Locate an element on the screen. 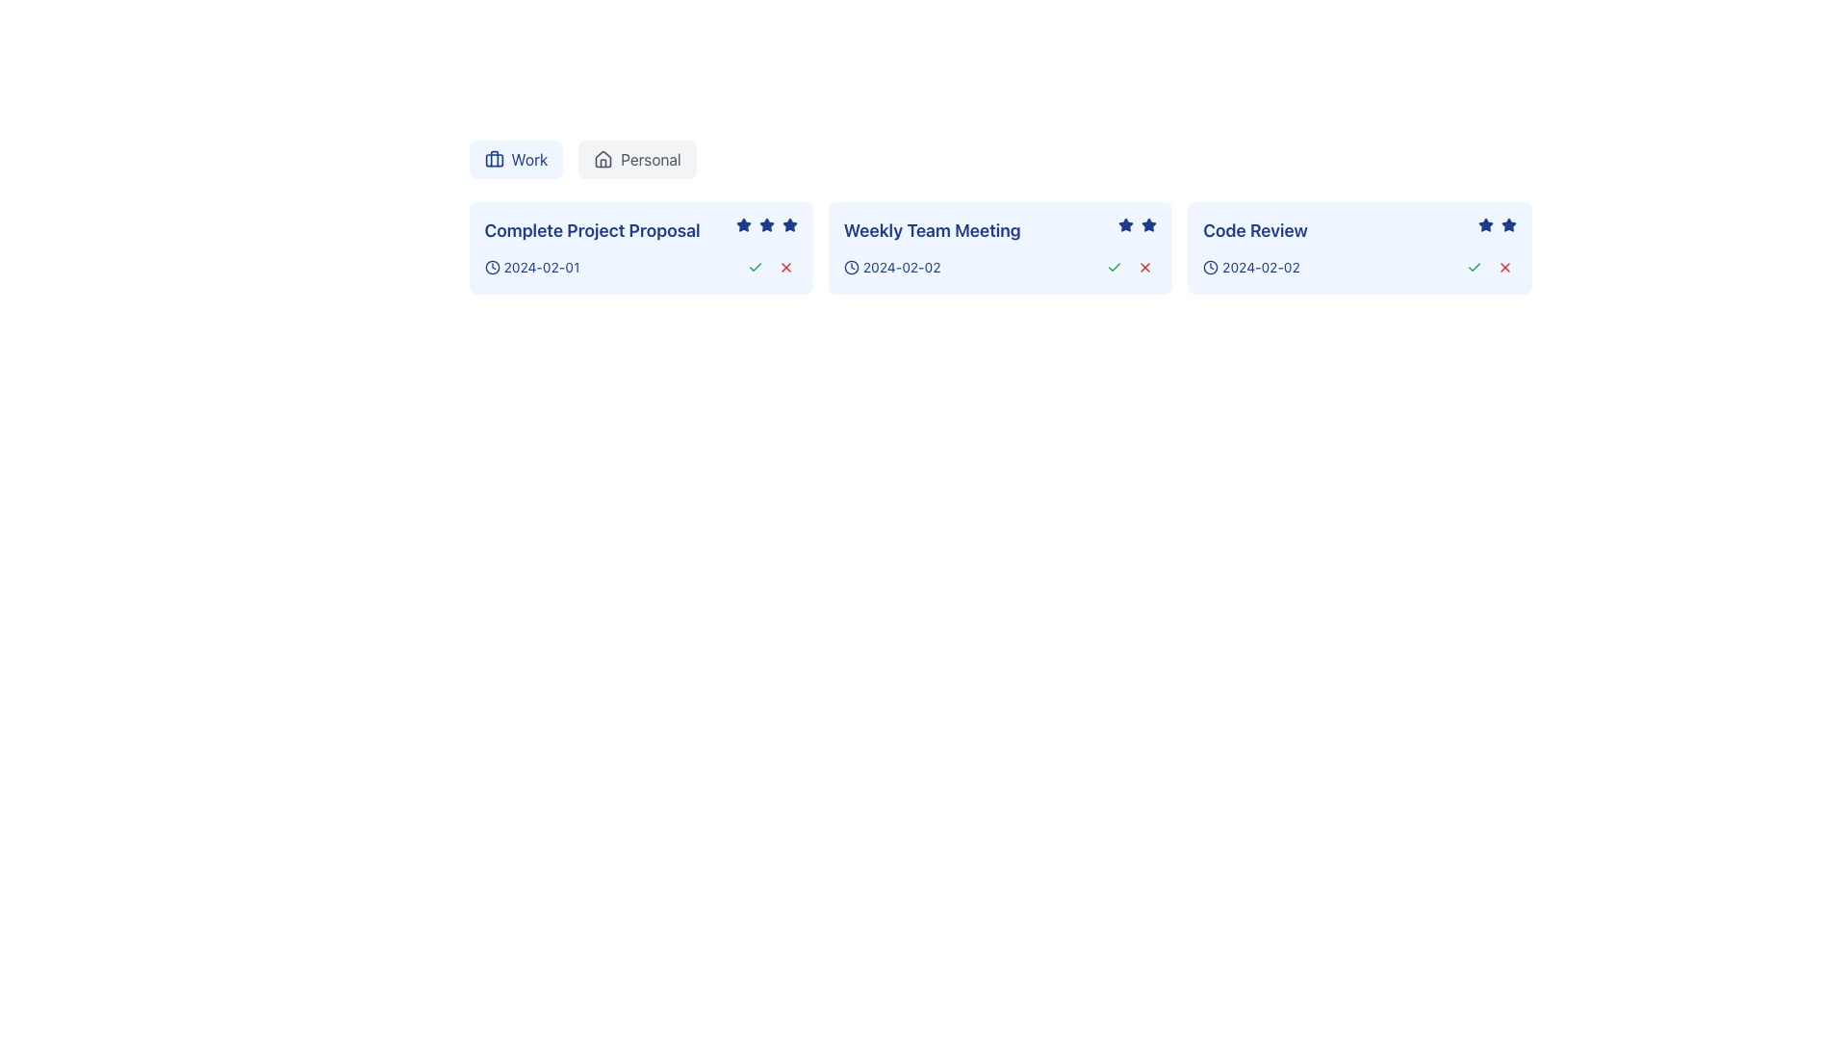  the text label reading 'Complete Project Proposal' is located at coordinates (591, 229).